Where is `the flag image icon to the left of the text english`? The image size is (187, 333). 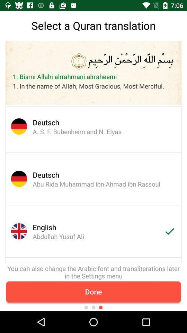 the flag image icon to the left of the text english is located at coordinates (16, 231).